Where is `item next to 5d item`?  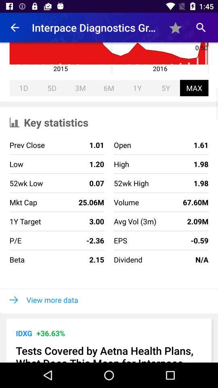
item next to 5d item is located at coordinates (23, 88).